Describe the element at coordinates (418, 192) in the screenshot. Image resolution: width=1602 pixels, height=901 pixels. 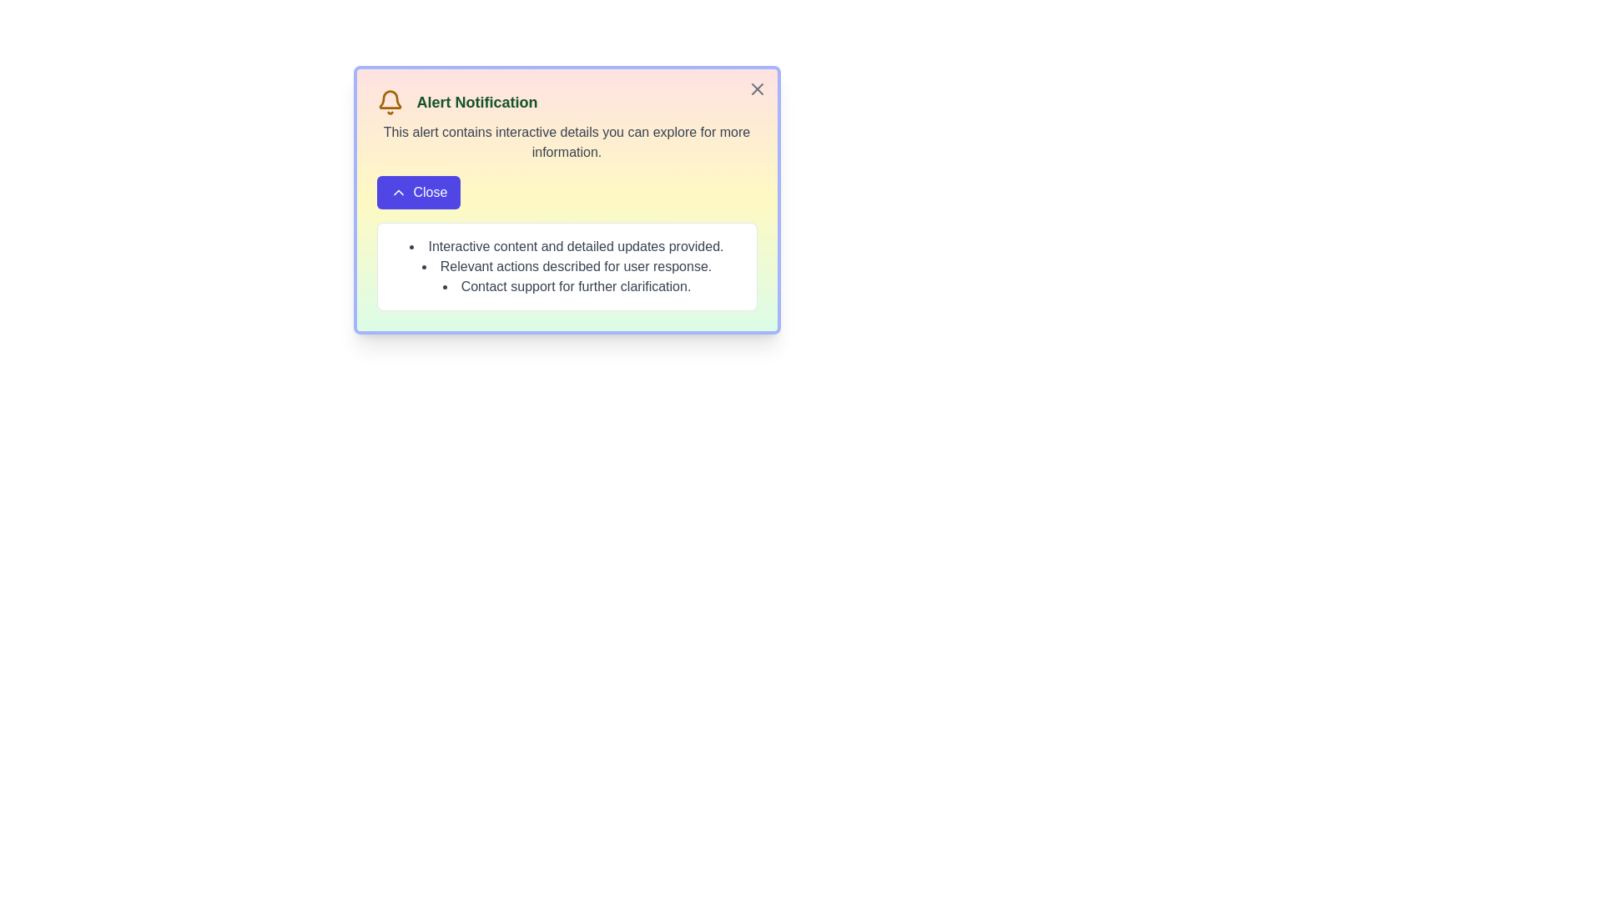
I see `'Close' button to toggle the additional information section` at that location.